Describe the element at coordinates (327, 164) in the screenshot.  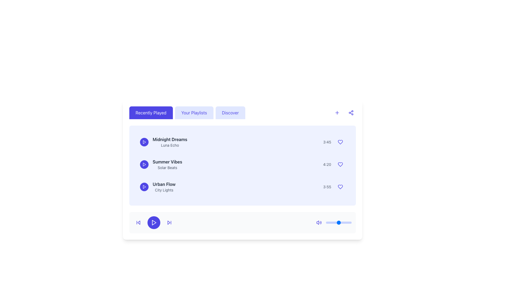
I see `the static text label that represents the duration or timestamp of the music track, located in the second row of the list structure in the music playback interface` at that location.